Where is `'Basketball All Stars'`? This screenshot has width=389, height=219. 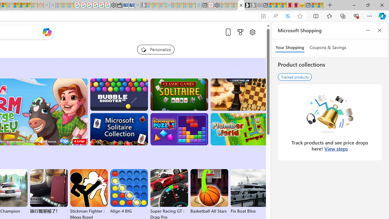 'Basketball All Stars' is located at coordinates (209, 192).